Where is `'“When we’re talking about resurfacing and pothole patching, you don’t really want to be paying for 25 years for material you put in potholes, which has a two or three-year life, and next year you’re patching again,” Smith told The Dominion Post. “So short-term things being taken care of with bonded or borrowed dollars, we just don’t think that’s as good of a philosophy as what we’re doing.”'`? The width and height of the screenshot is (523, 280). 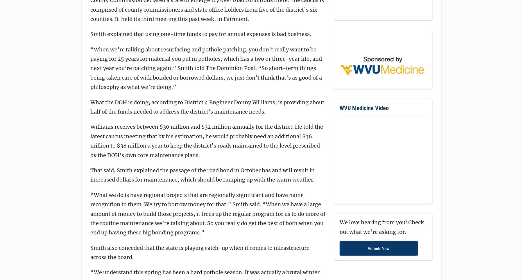 '“When we’re talking about resurfacing and pothole patching, you don’t really want to be paying for 25 years for material you put in potholes, which has a two or three-year life, and next year you’re patching again,” Smith told The Dominion Post. “So short-term things being taken care of with bonded or borrowed dollars, we just don’t think that’s as good of a philosophy as what we’re doing.”' is located at coordinates (206, 68).